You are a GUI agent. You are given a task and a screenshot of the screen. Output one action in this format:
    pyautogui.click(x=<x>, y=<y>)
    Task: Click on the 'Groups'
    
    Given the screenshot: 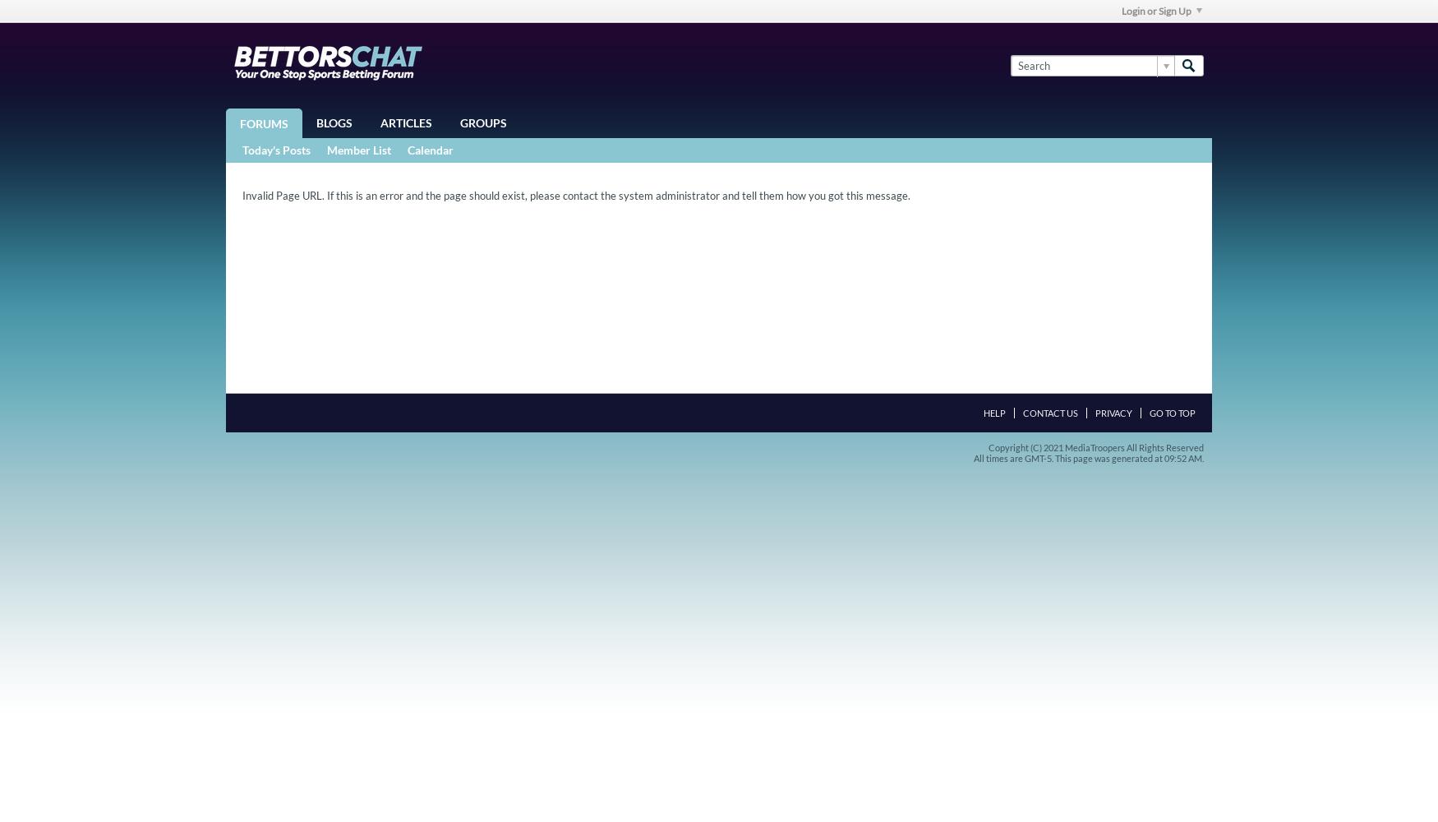 What is the action you would take?
    pyautogui.click(x=483, y=122)
    